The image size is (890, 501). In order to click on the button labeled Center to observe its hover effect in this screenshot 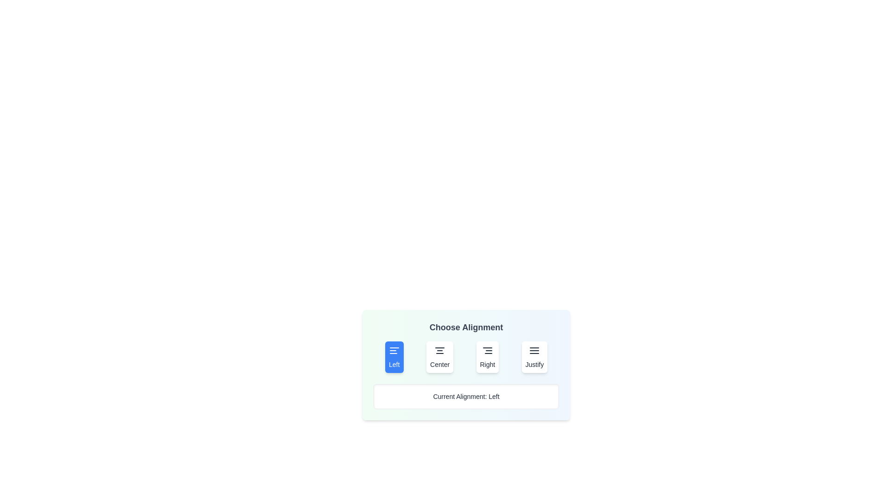, I will do `click(439, 357)`.